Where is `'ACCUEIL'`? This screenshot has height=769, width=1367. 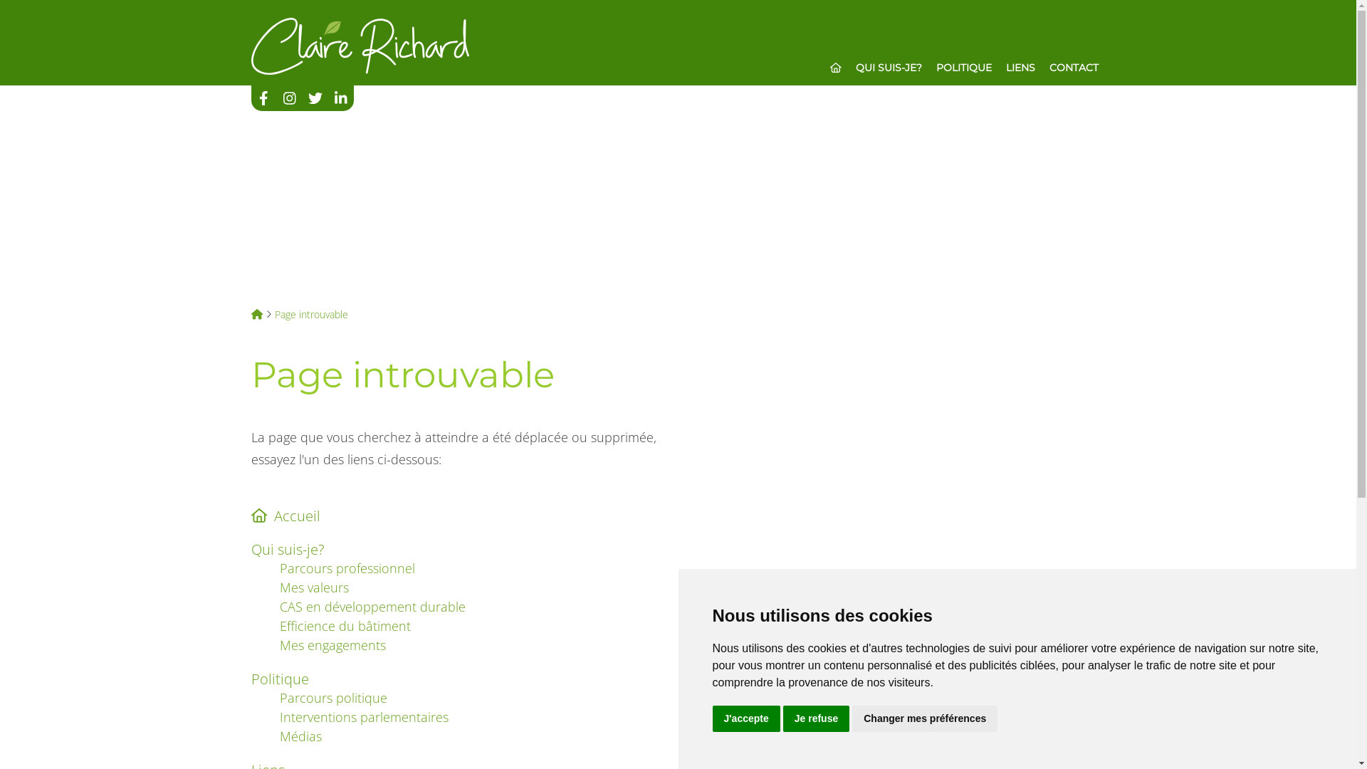 'ACCUEIL' is located at coordinates (836, 68).